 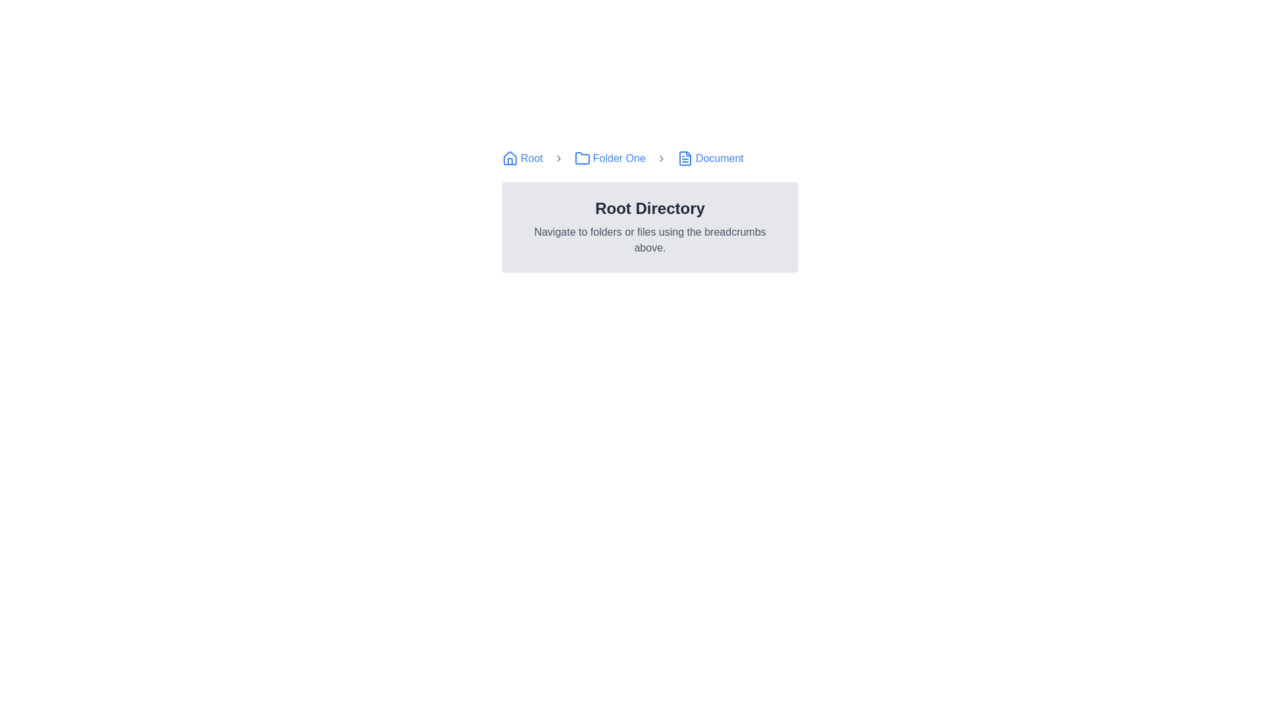 I want to click on the folder icon in the breadcrumb navigation labeled 'Folder One', which is styled as a link and is the third element in the breadcrumb sequence, so click(x=609, y=157).